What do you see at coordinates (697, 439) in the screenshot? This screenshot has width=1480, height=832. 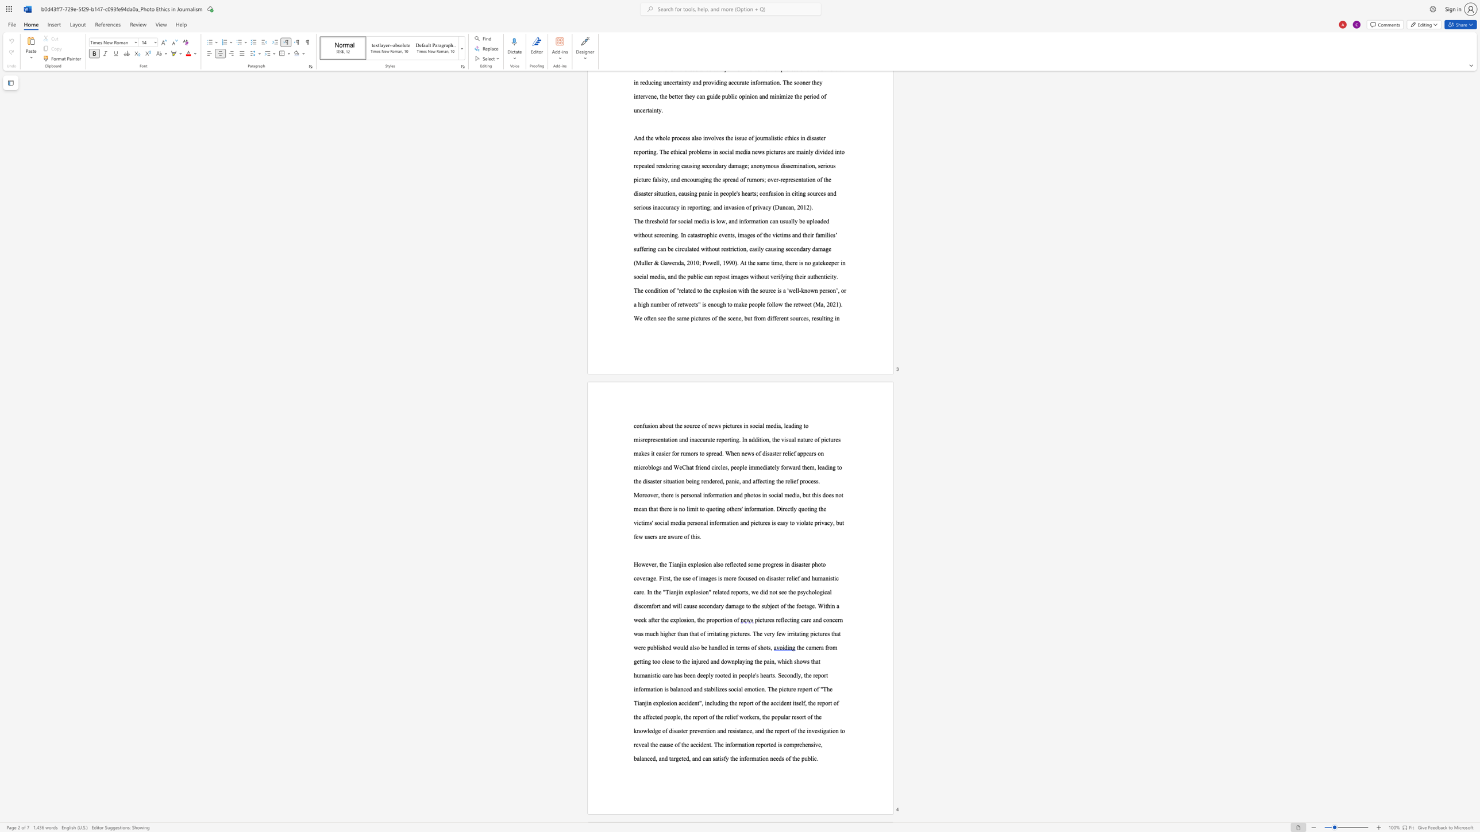 I see `the subset text "ccurate reporting. In addition, the visual nature of p" within the text "confusion about the source of news pictures in social media, leading to misrepresentation and inaccurate reporting. In addition, the visual nature of pictures makes it easier for rumors to spread. When news of disaster relief appears on microblogs and WeChat friend circles, people"` at bounding box center [697, 439].